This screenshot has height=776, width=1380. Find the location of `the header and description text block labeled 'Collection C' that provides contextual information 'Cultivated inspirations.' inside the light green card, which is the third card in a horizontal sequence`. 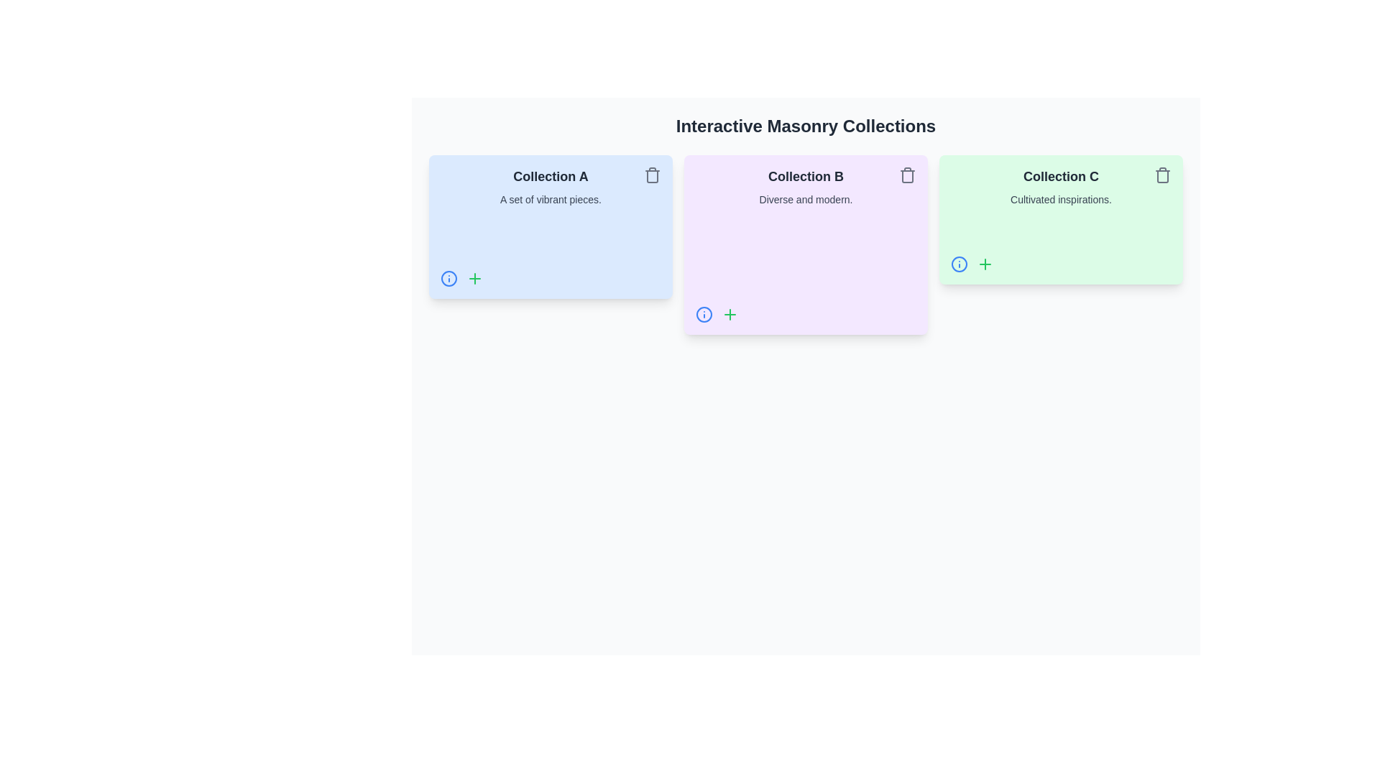

the header and description text block labeled 'Collection C' that provides contextual information 'Cultivated inspirations.' inside the light green card, which is the third card in a horizontal sequence is located at coordinates (1061, 185).